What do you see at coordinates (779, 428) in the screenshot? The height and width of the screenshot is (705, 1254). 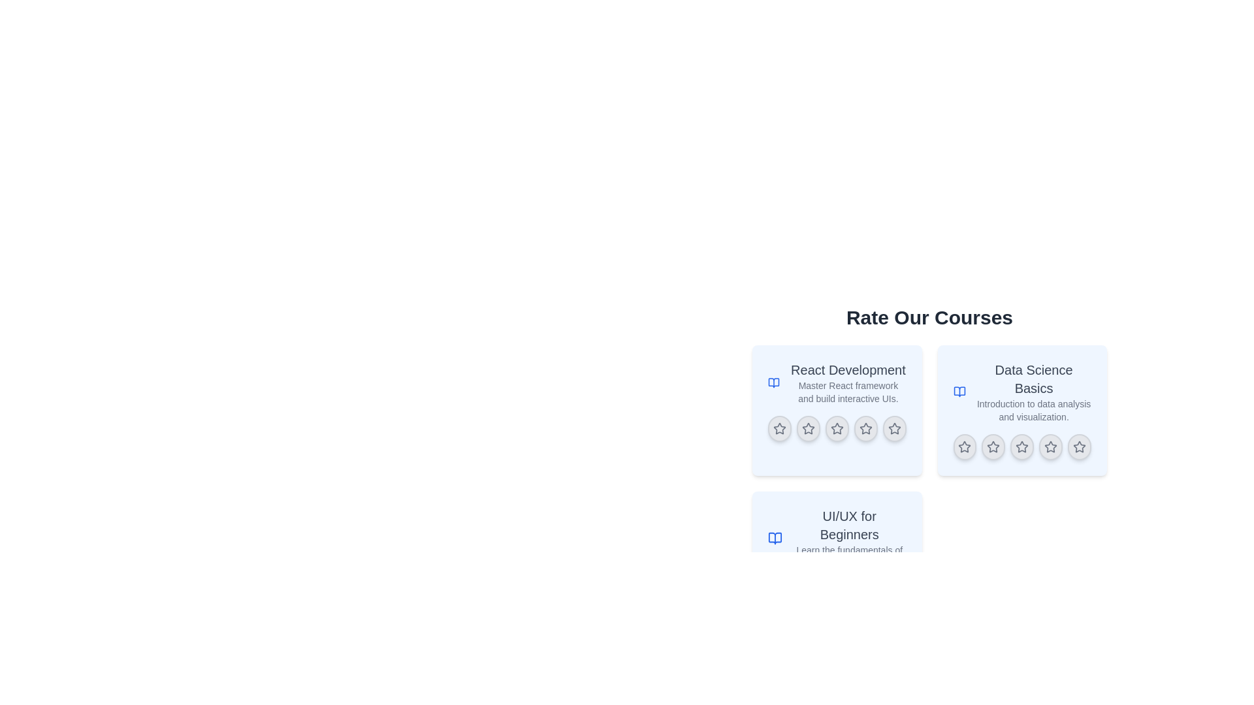 I see `the first star icon button in the rating bar below the 'React Development' course tile` at bounding box center [779, 428].